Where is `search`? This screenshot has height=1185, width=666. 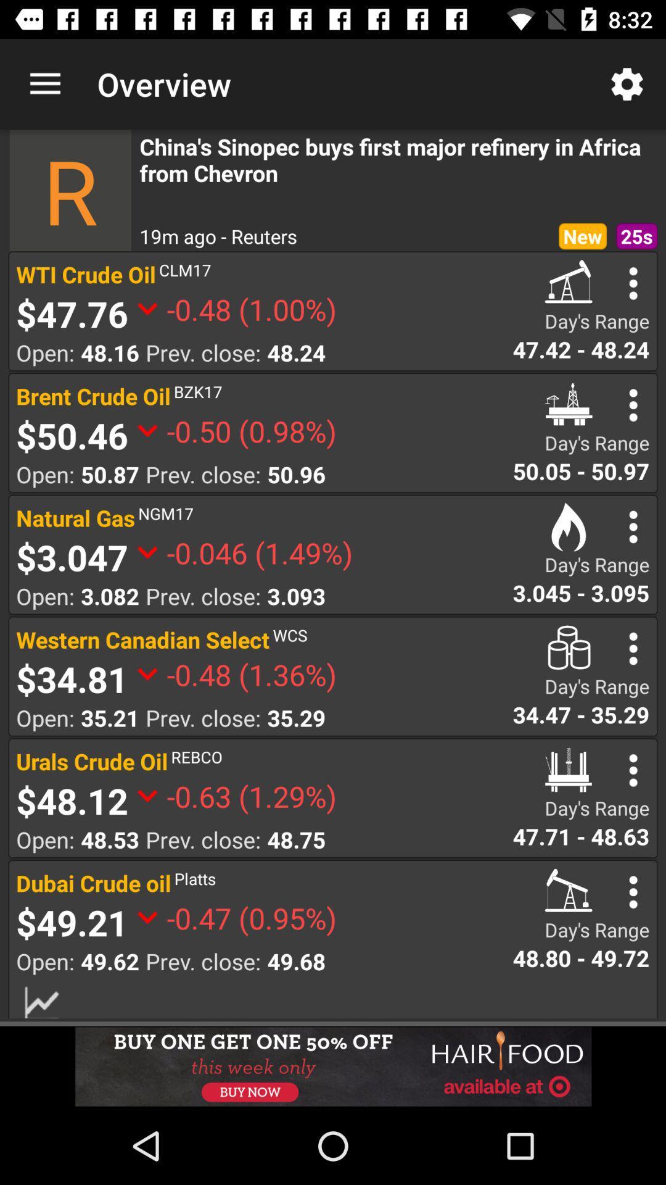 search is located at coordinates (633, 283).